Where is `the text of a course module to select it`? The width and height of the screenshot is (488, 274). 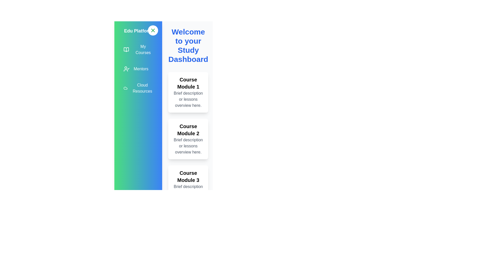 the text of a course module to select it is located at coordinates (188, 92).